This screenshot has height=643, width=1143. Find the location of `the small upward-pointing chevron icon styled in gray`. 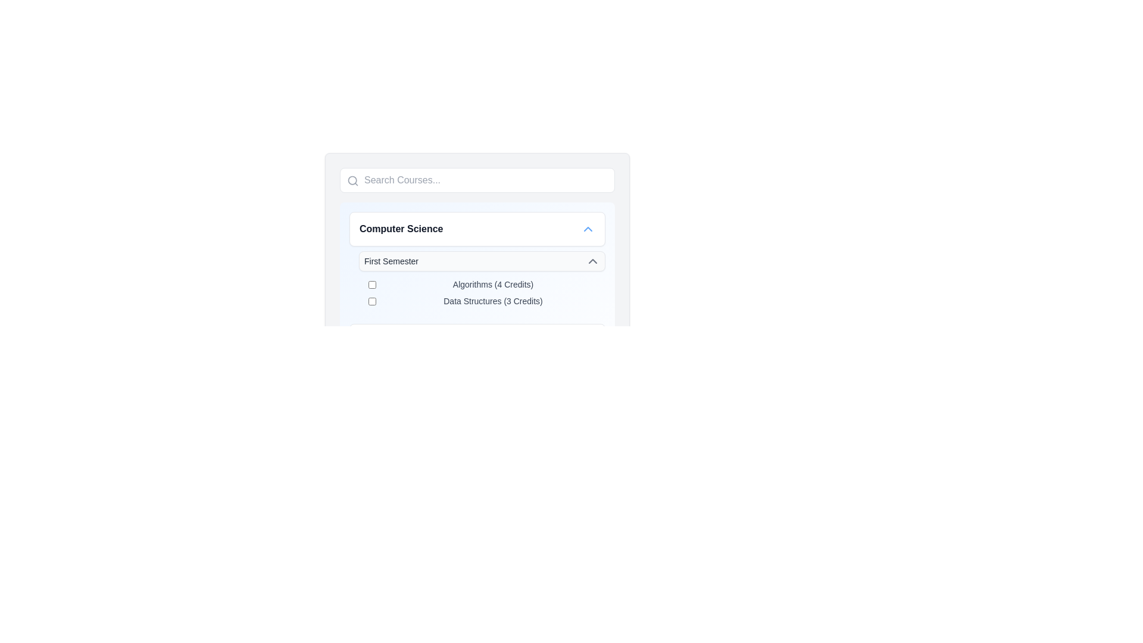

the small upward-pointing chevron icon styled in gray is located at coordinates (593, 261).